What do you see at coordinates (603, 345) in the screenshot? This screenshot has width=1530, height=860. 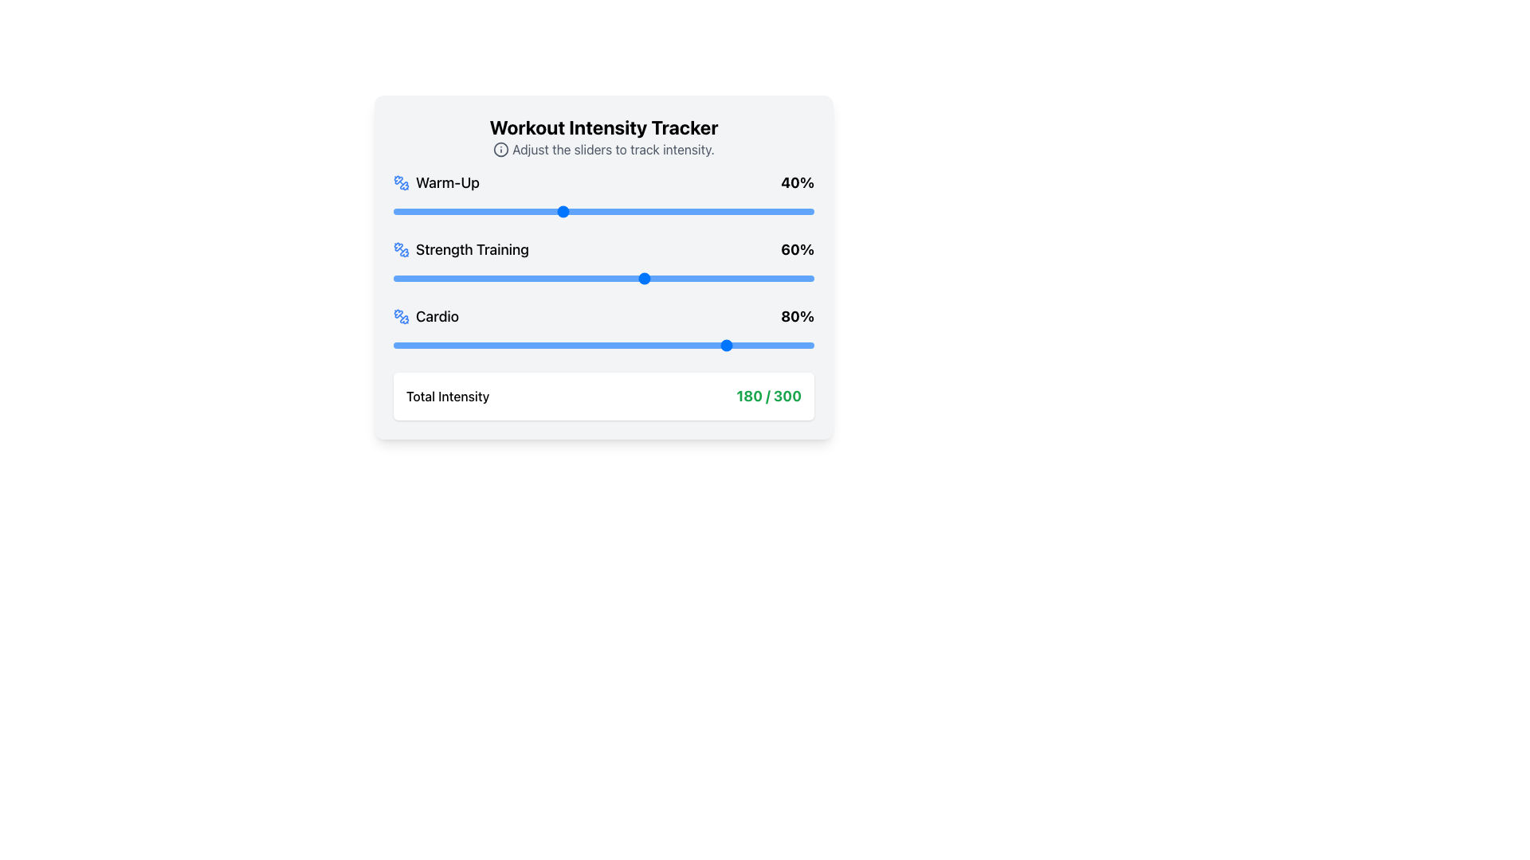 I see `the cardio intensity slider` at bounding box center [603, 345].